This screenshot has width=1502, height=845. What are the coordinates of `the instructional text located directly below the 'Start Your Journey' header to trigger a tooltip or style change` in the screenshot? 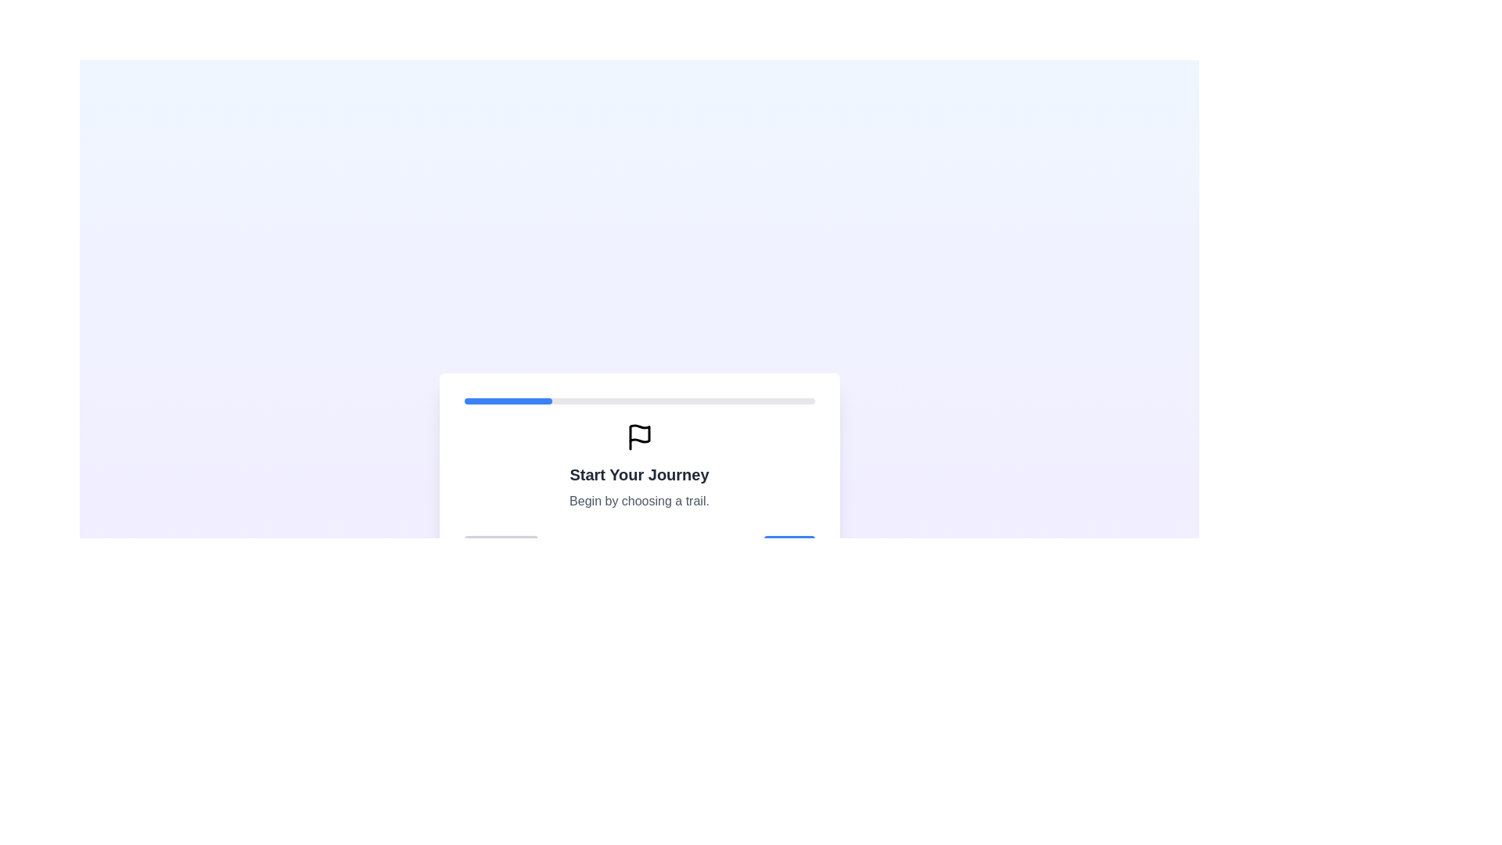 It's located at (639, 501).